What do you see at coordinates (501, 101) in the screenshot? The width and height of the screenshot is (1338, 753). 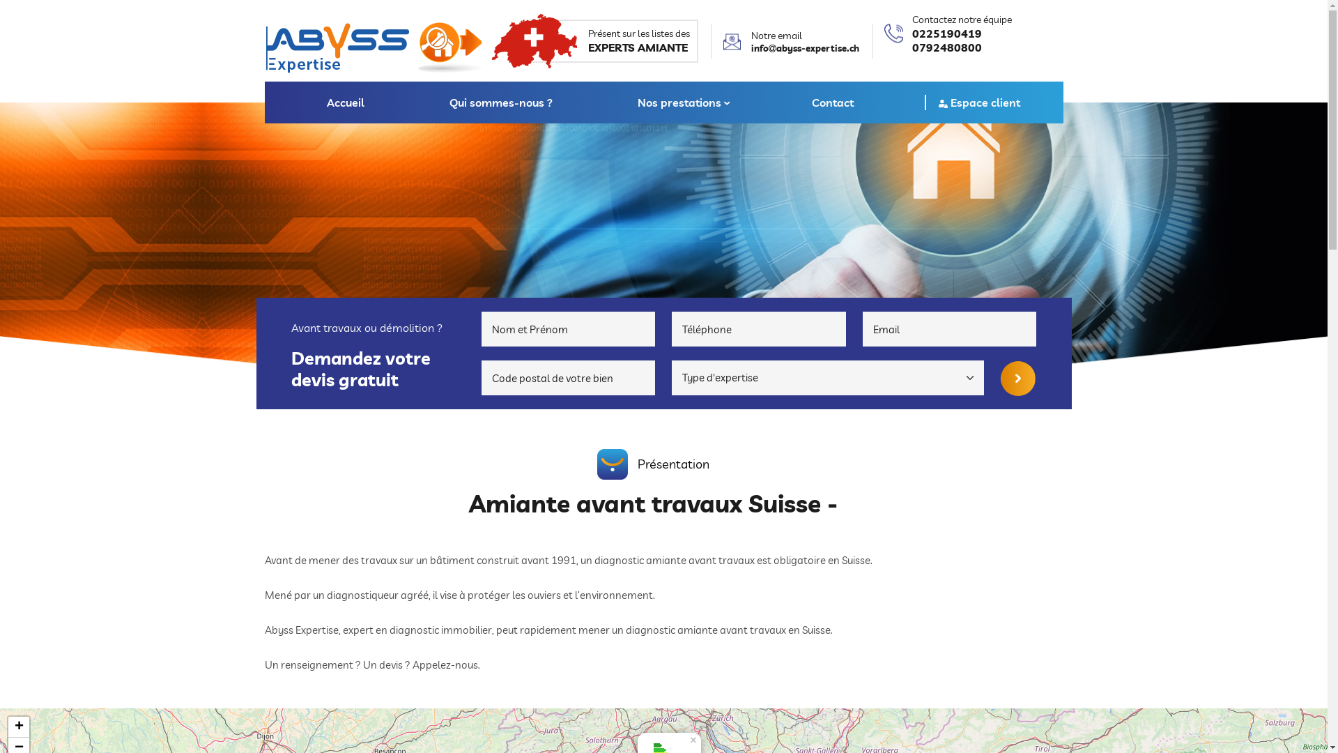 I see `'Qui sommes-nous ?'` at bounding box center [501, 101].